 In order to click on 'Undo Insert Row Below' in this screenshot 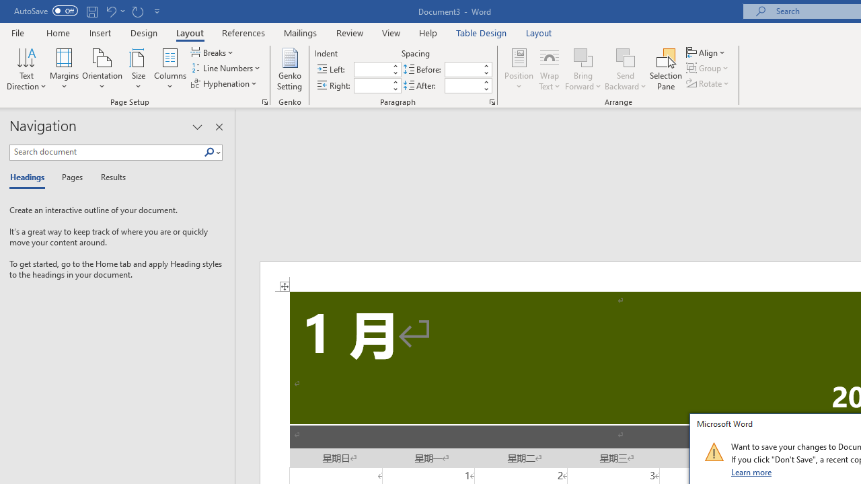, I will do `click(114, 11)`.